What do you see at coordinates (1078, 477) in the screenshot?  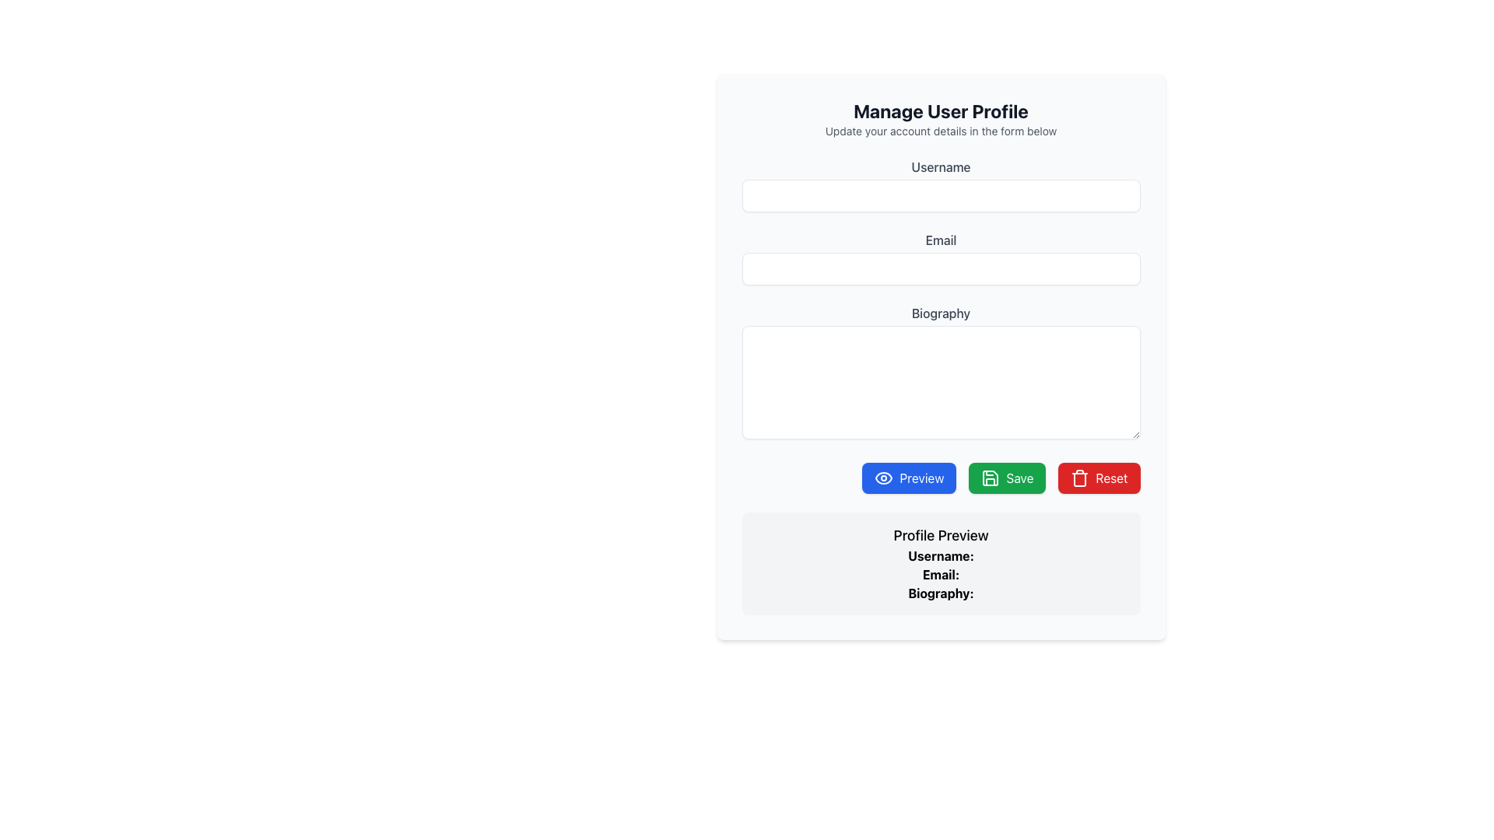 I see `the reset icon located within the Reset button at the bottom right of the form to initiate a reset action` at bounding box center [1078, 477].